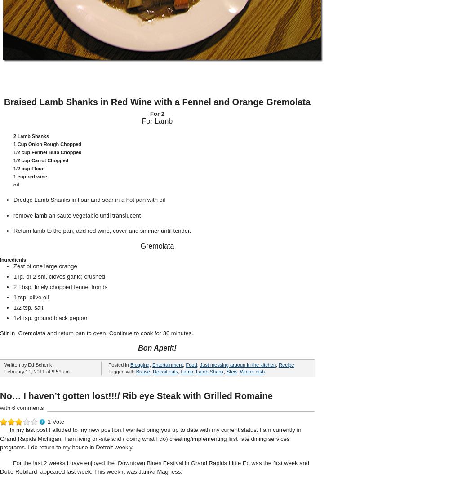 Image resolution: width=462 pixels, height=484 pixels. Describe the element at coordinates (13, 297) in the screenshot. I see `'1 tsp. olive oil'` at that location.